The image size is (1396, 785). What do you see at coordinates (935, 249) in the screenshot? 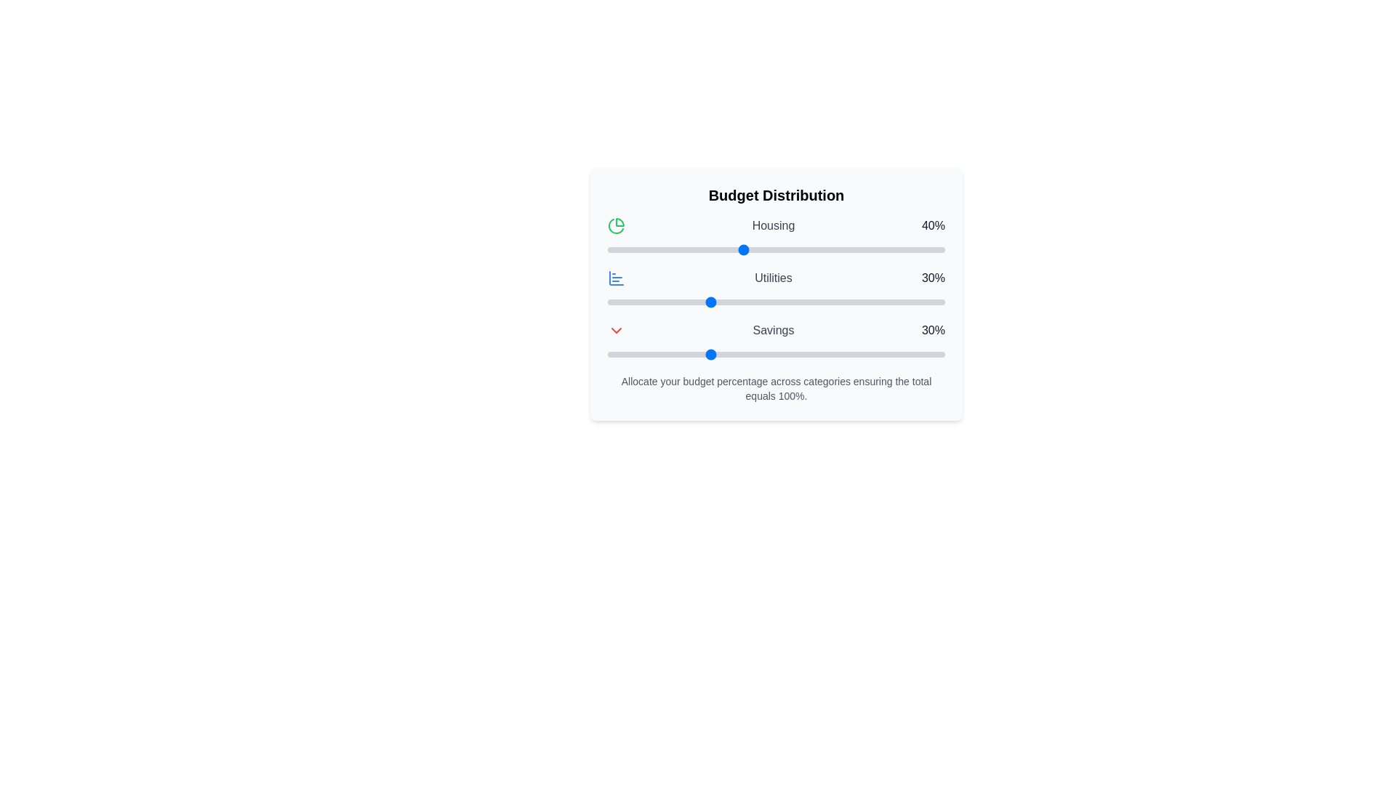
I see `the Housing percentage slider` at bounding box center [935, 249].